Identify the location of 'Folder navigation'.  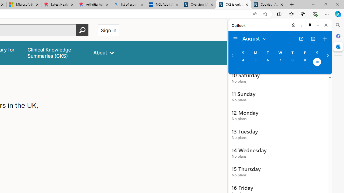
(235, 39).